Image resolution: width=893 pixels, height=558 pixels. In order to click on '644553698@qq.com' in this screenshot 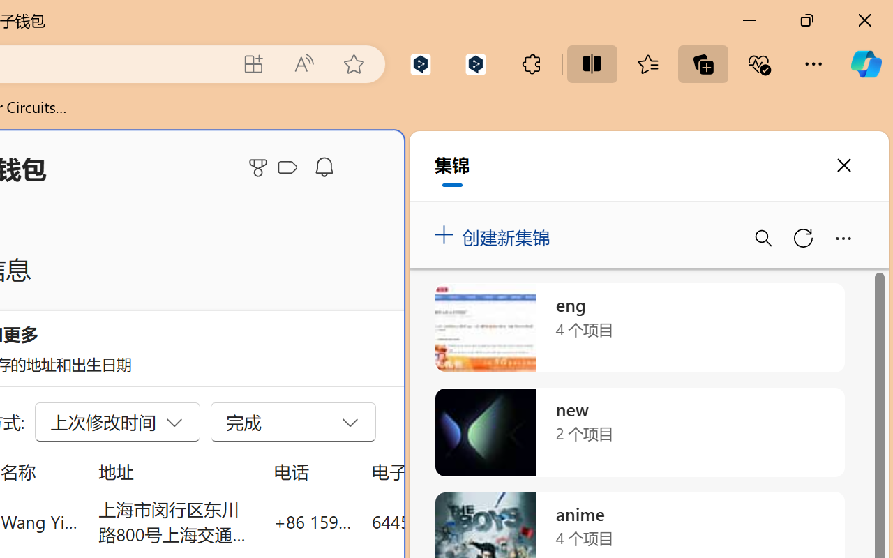, I will do `click(449, 521)`.